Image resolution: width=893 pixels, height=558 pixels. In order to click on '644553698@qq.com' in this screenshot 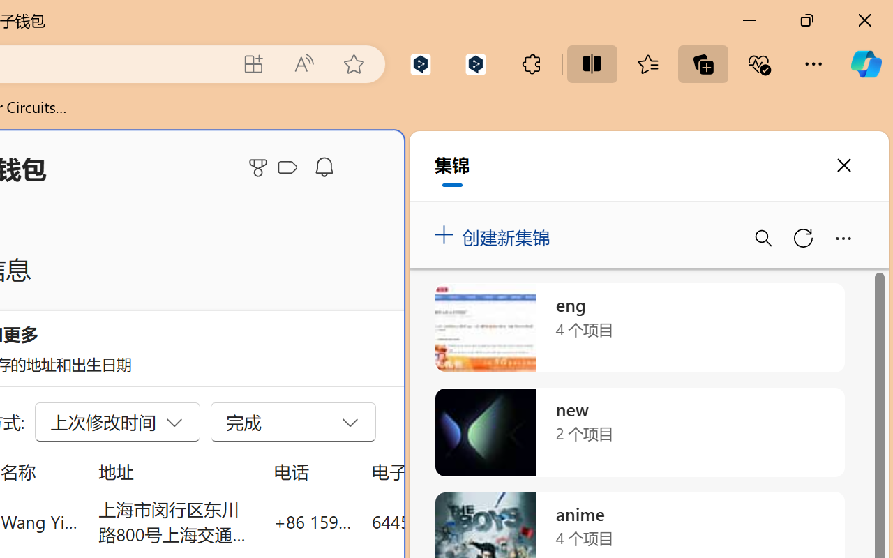, I will do `click(449, 521)`.